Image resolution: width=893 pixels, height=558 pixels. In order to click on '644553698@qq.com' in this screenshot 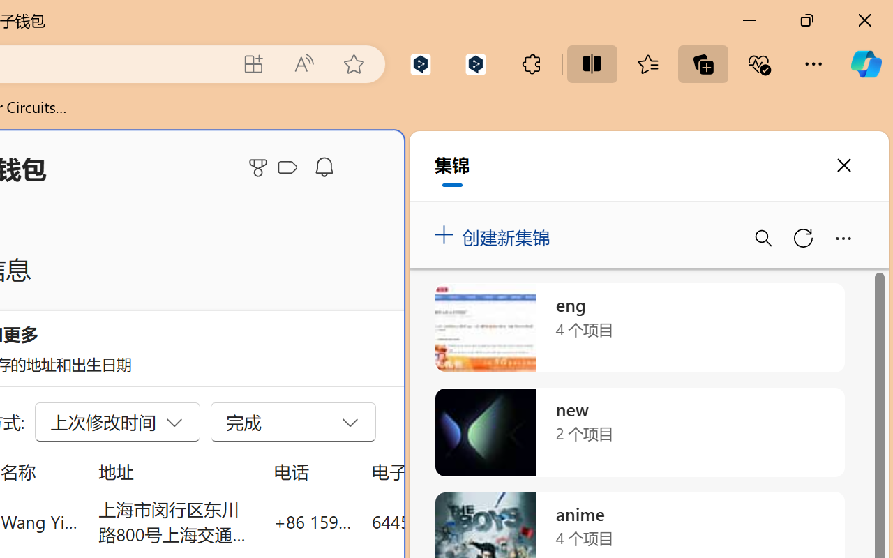, I will do `click(449, 521)`.